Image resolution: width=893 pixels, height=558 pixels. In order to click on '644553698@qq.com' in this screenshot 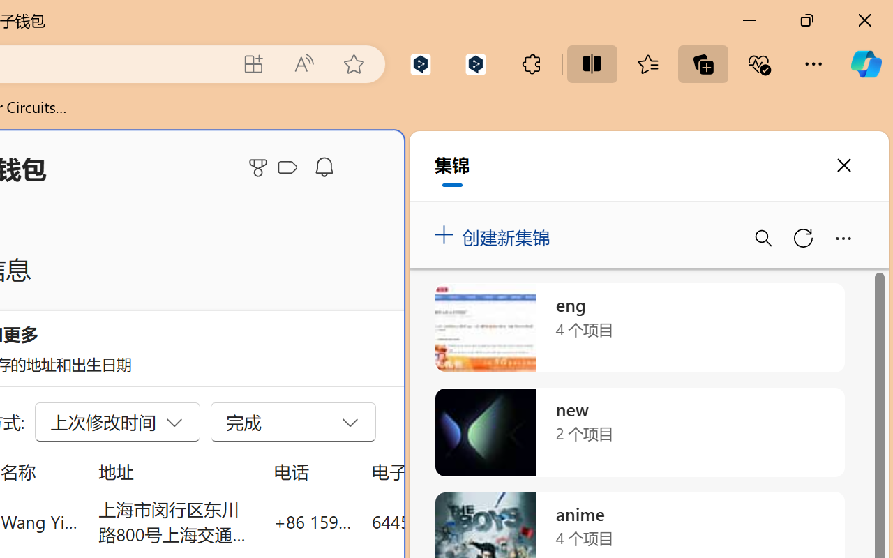, I will do `click(449, 521)`.